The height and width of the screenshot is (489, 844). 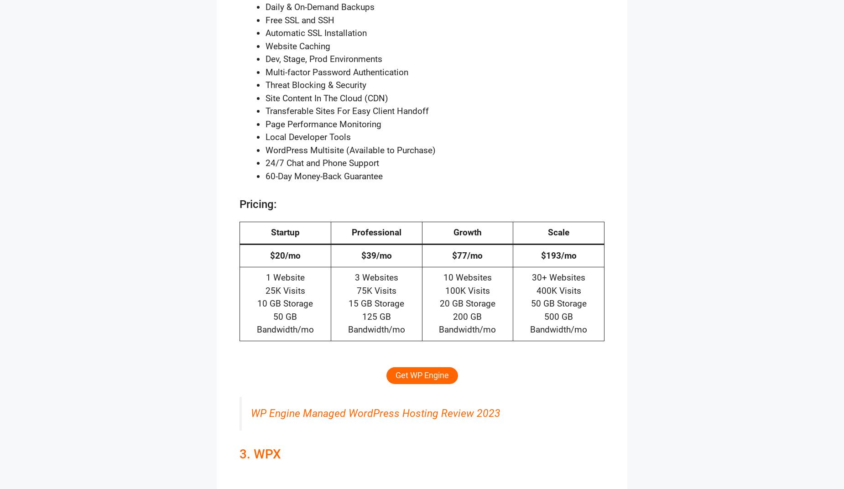 What do you see at coordinates (285, 277) in the screenshot?
I see `'1 Website'` at bounding box center [285, 277].